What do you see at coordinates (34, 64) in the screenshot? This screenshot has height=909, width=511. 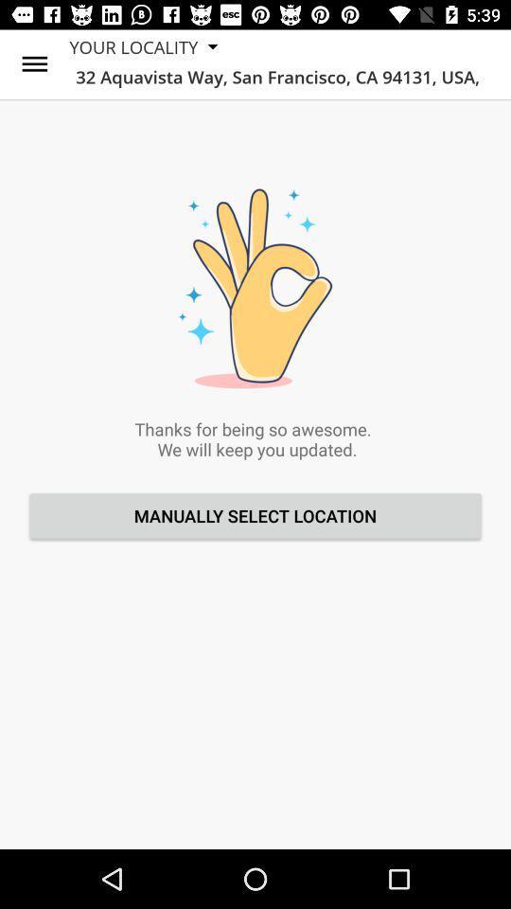 I see `the item above manually select location item` at bounding box center [34, 64].